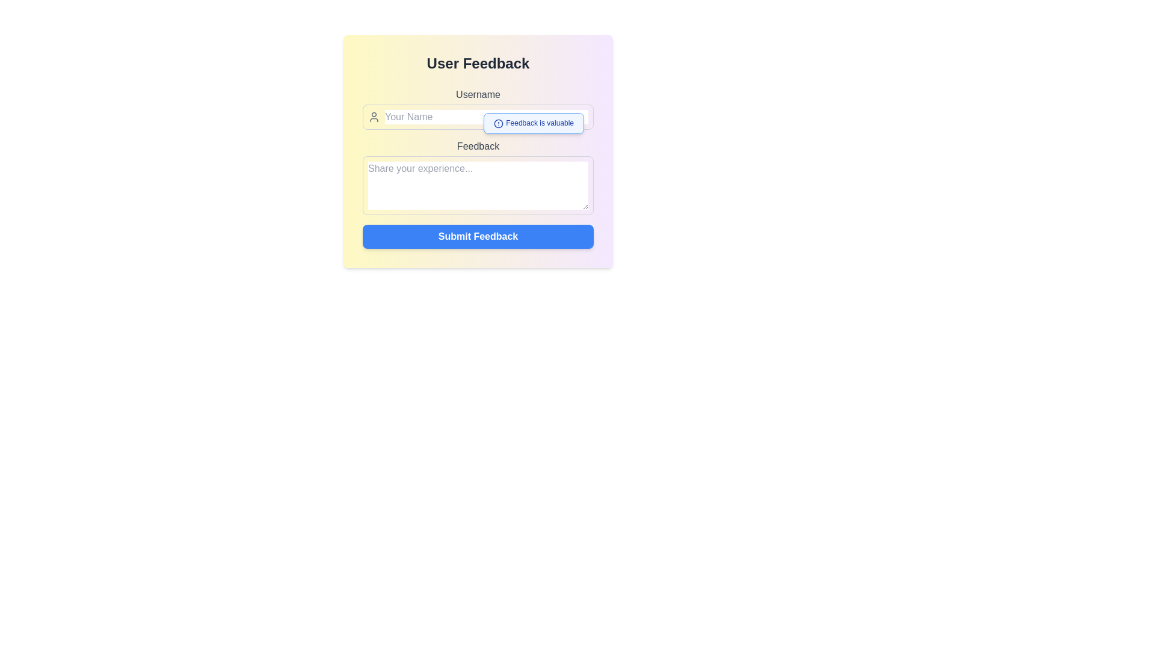  I want to click on the circular alert icon located at the top-right section of the pop-up, adjacent to the username text input and near the 'Feedback is valuable' button, so click(499, 123).